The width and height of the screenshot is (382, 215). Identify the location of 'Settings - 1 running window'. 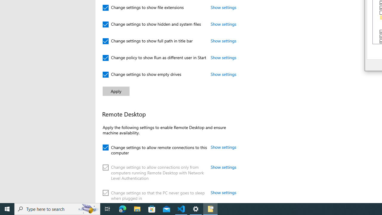
(196, 208).